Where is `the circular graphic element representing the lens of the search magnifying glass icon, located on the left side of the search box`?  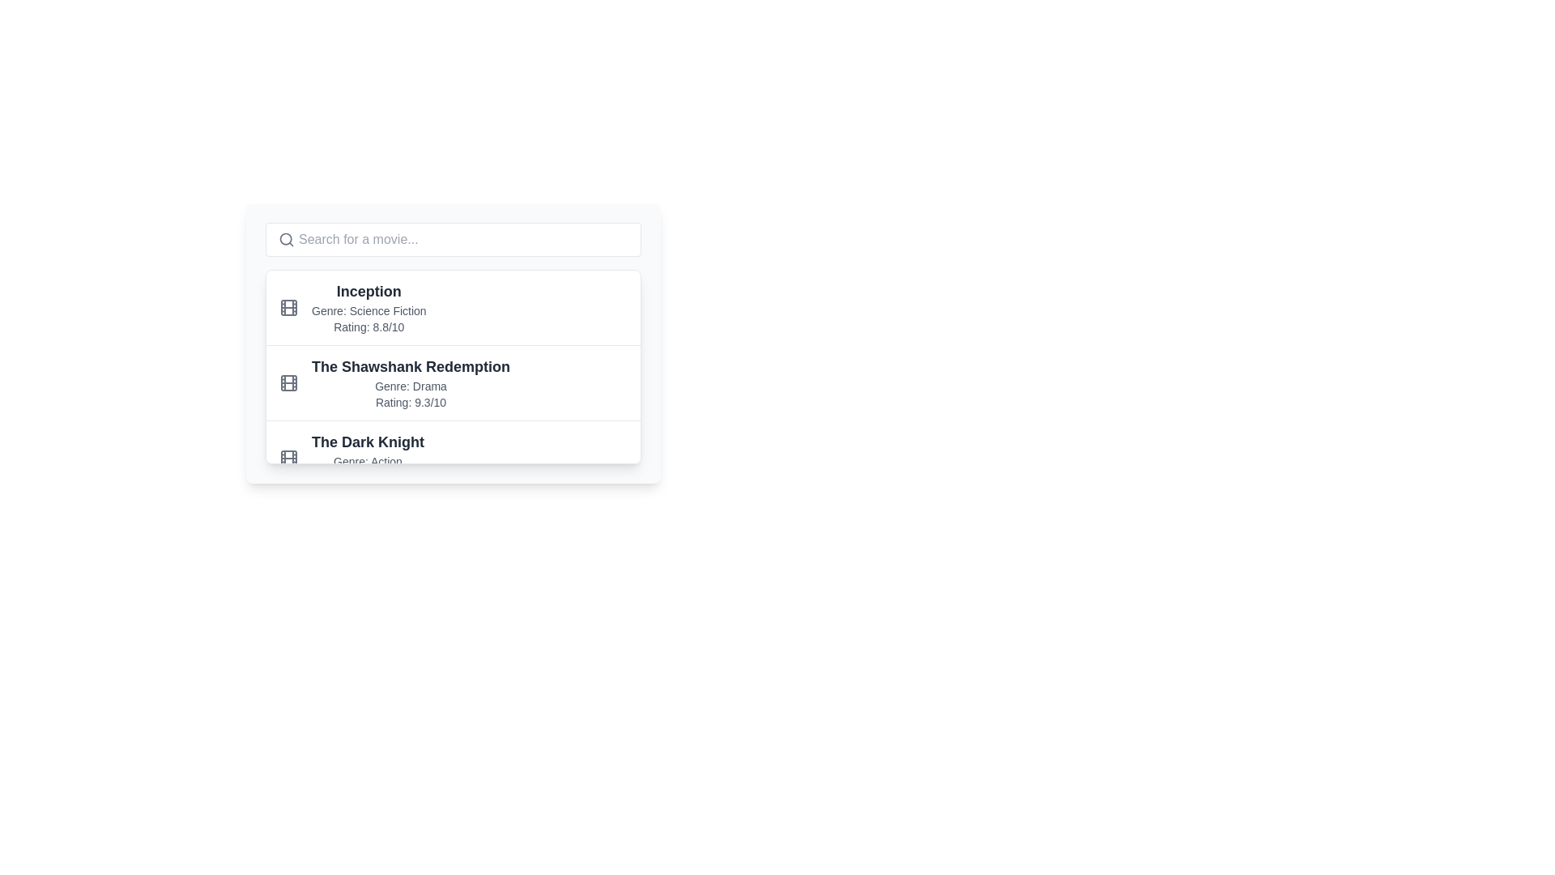 the circular graphic element representing the lens of the search magnifying glass icon, located on the left side of the search box is located at coordinates (286, 239).